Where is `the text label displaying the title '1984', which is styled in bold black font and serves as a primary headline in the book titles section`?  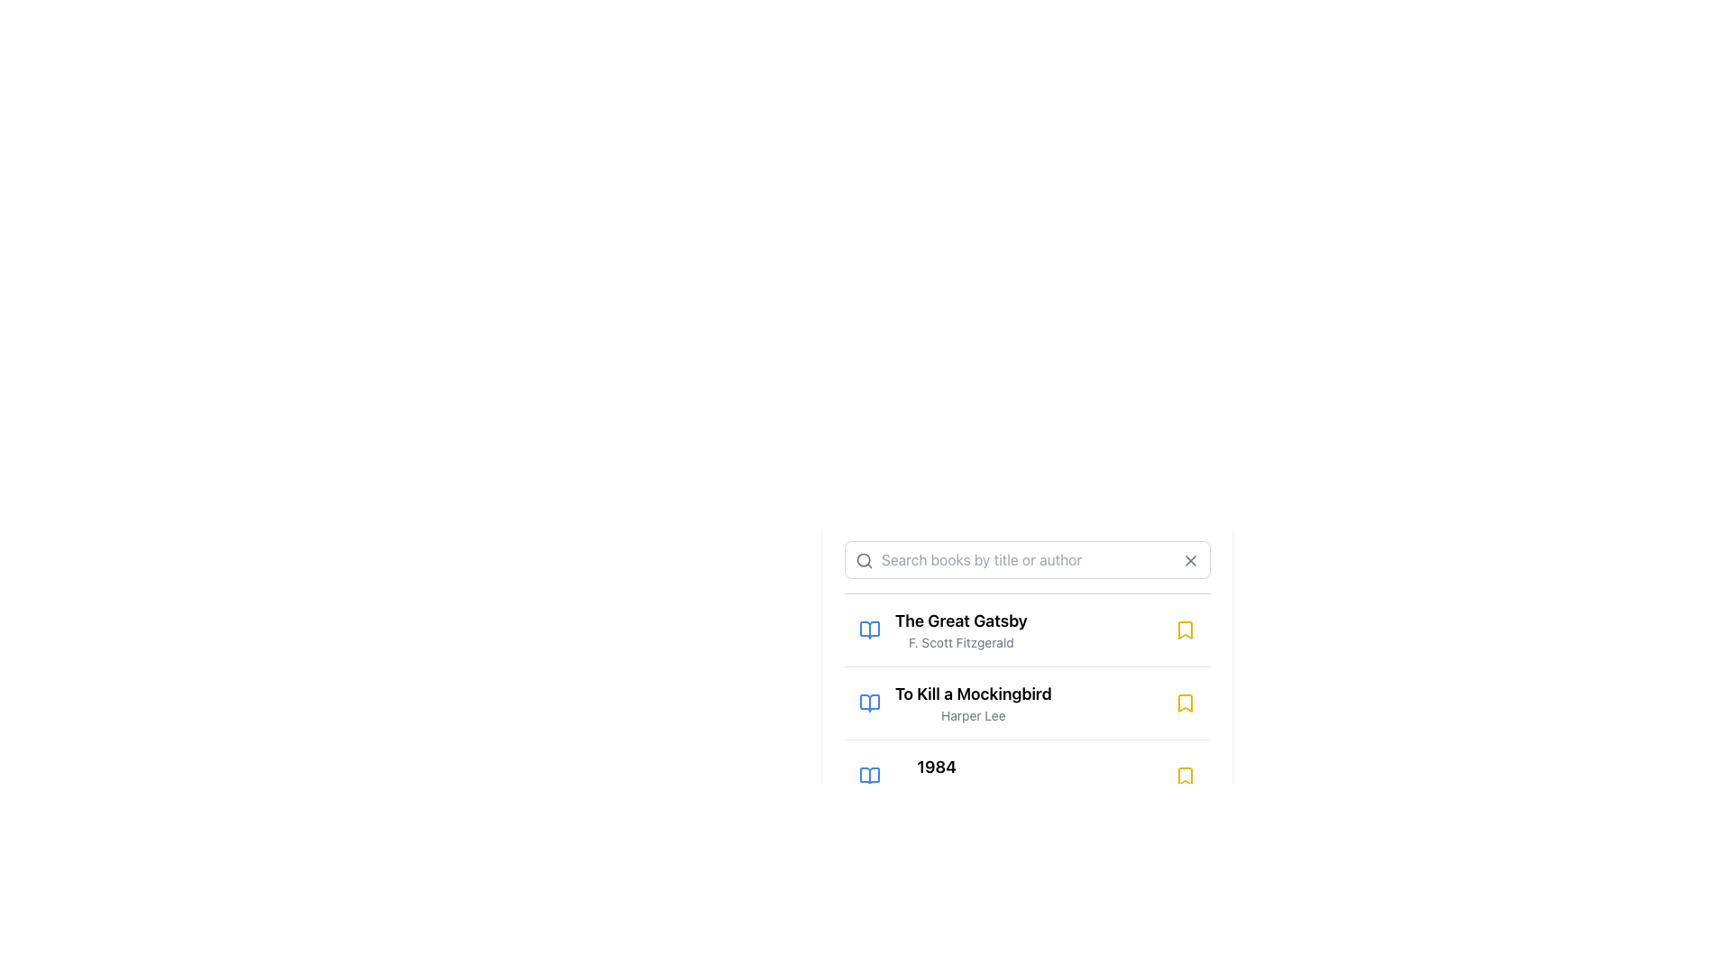
the text label displaying the title '1984', which is styled in bold black font and serves as a primary headline in the book titles section is located at coordinates (937, 767).